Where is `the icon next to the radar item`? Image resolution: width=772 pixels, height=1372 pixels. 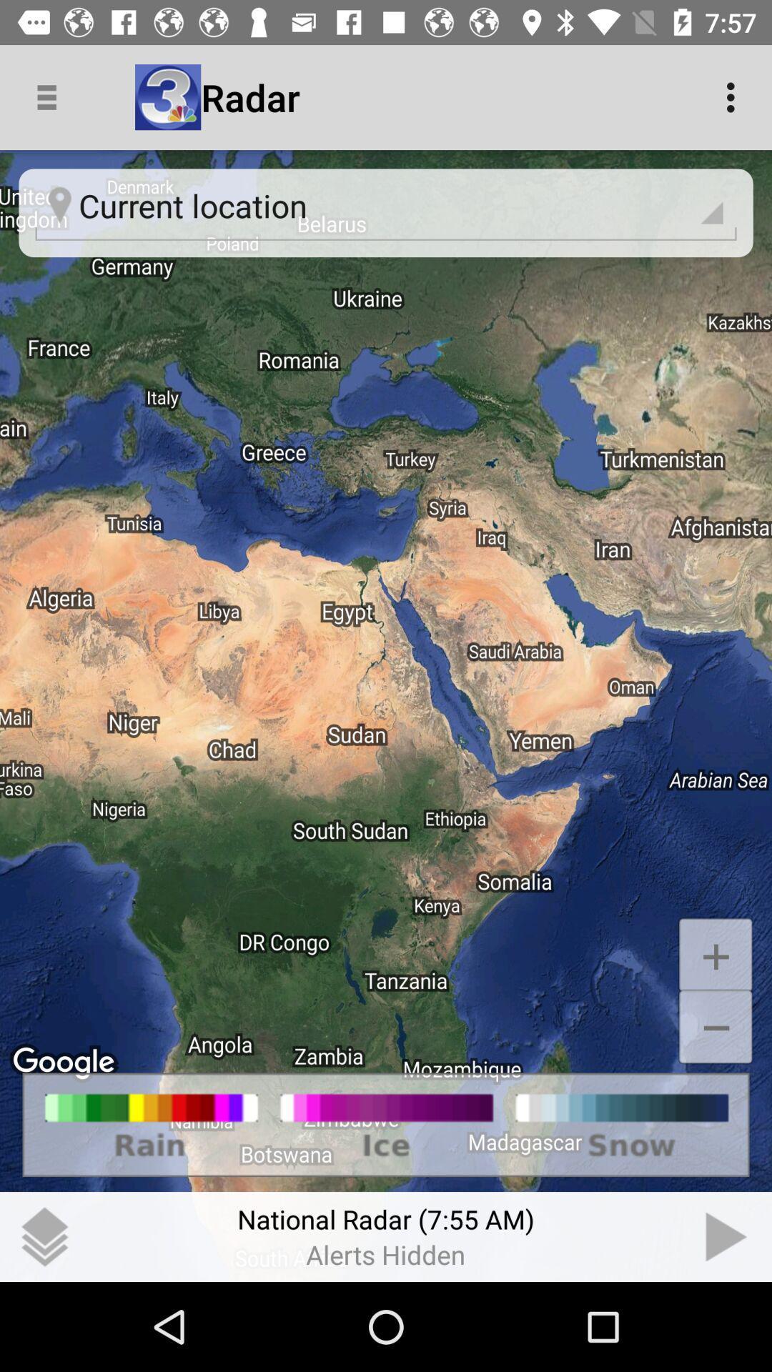 the icon next to the radar item is located at coordinates (734, 96).